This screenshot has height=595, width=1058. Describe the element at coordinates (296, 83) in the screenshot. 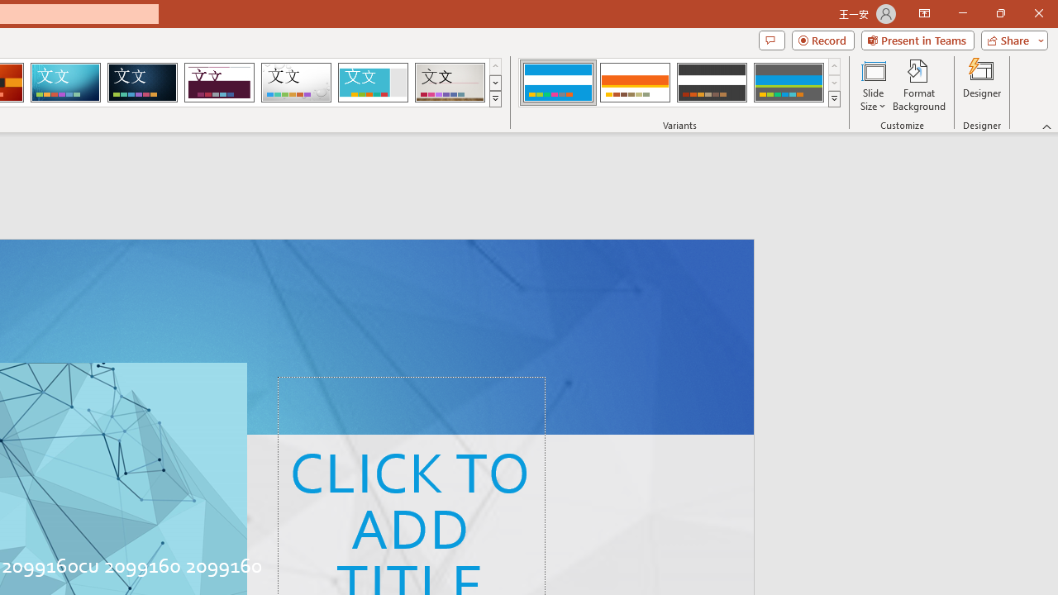

I see `'Droplet'` at that location.